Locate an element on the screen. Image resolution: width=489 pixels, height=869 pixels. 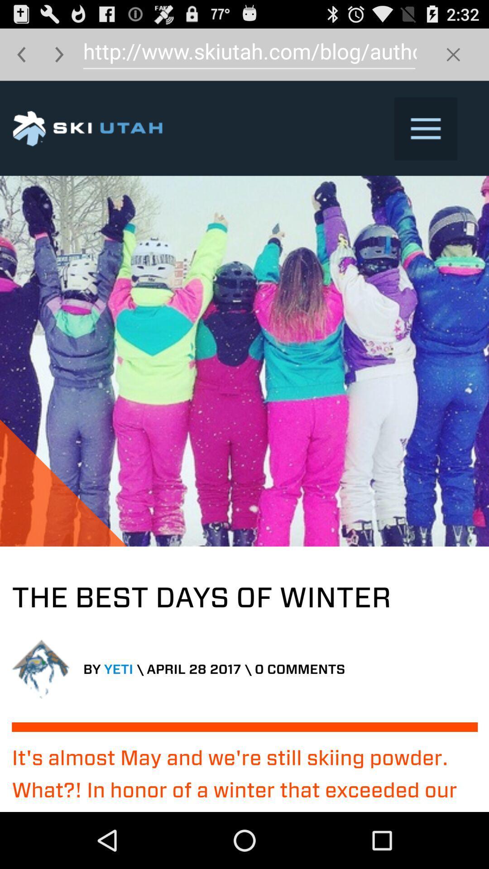
the arrow_backward icon is located at coordinates (21, 58).